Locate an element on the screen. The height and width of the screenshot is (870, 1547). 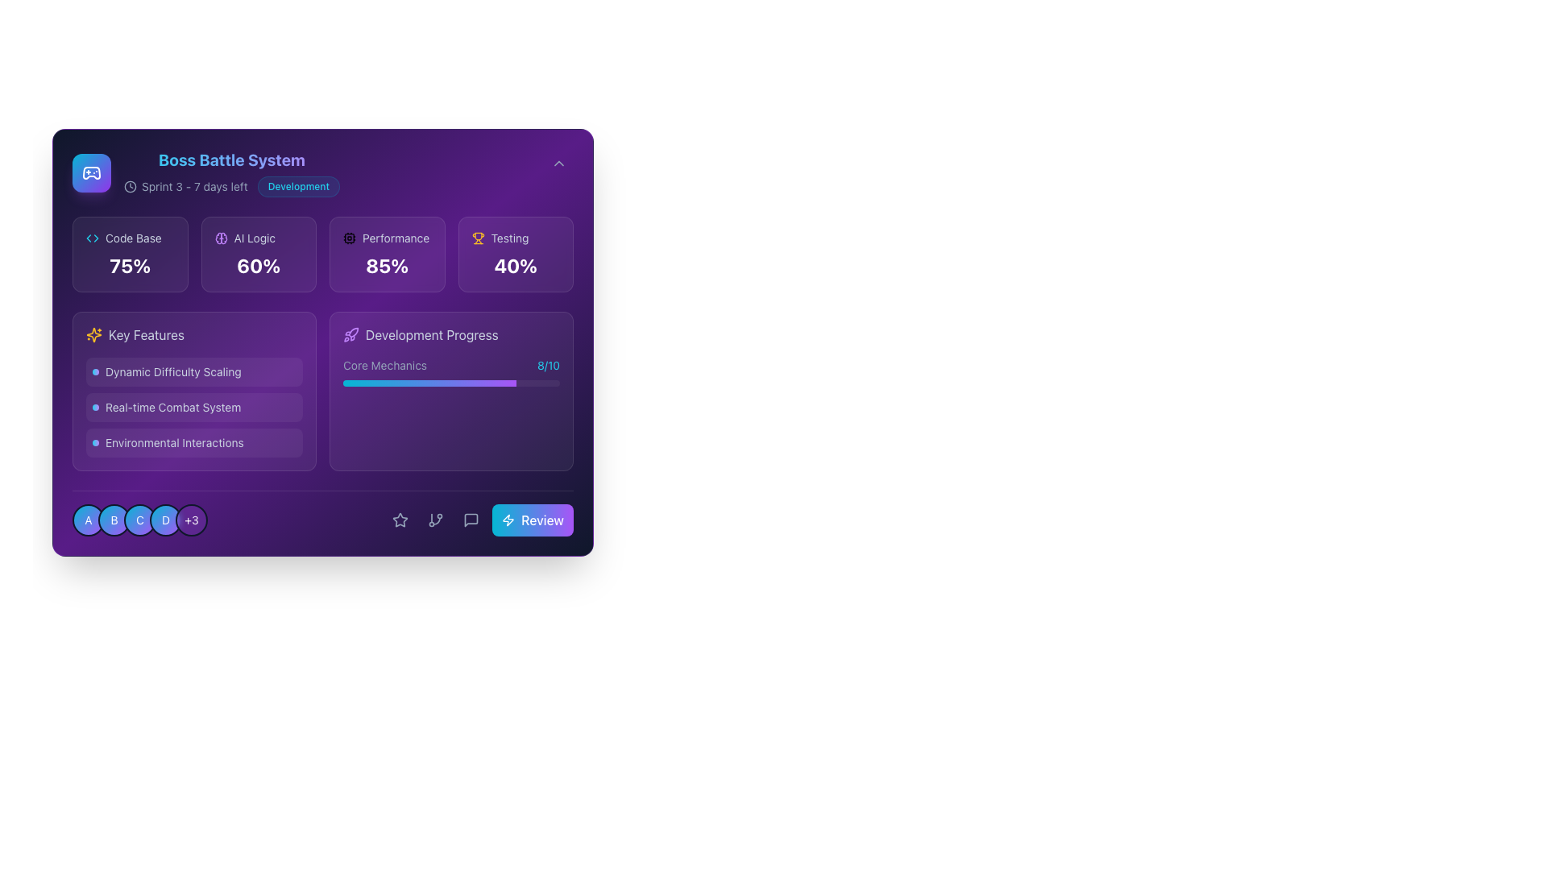
the descriptive Label that provides information about a specific aspect, located as the third item in the vertical list under the heading 'Key Features' is located at coordinates (193, 443).